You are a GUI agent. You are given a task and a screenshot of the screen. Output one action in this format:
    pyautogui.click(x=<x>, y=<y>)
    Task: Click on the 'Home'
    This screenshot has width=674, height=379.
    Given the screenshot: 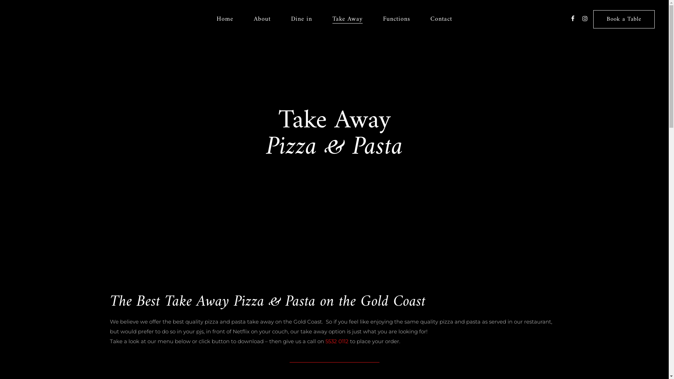 What is the action you would take?
    pyautogui.click(x=206, y=19)
    